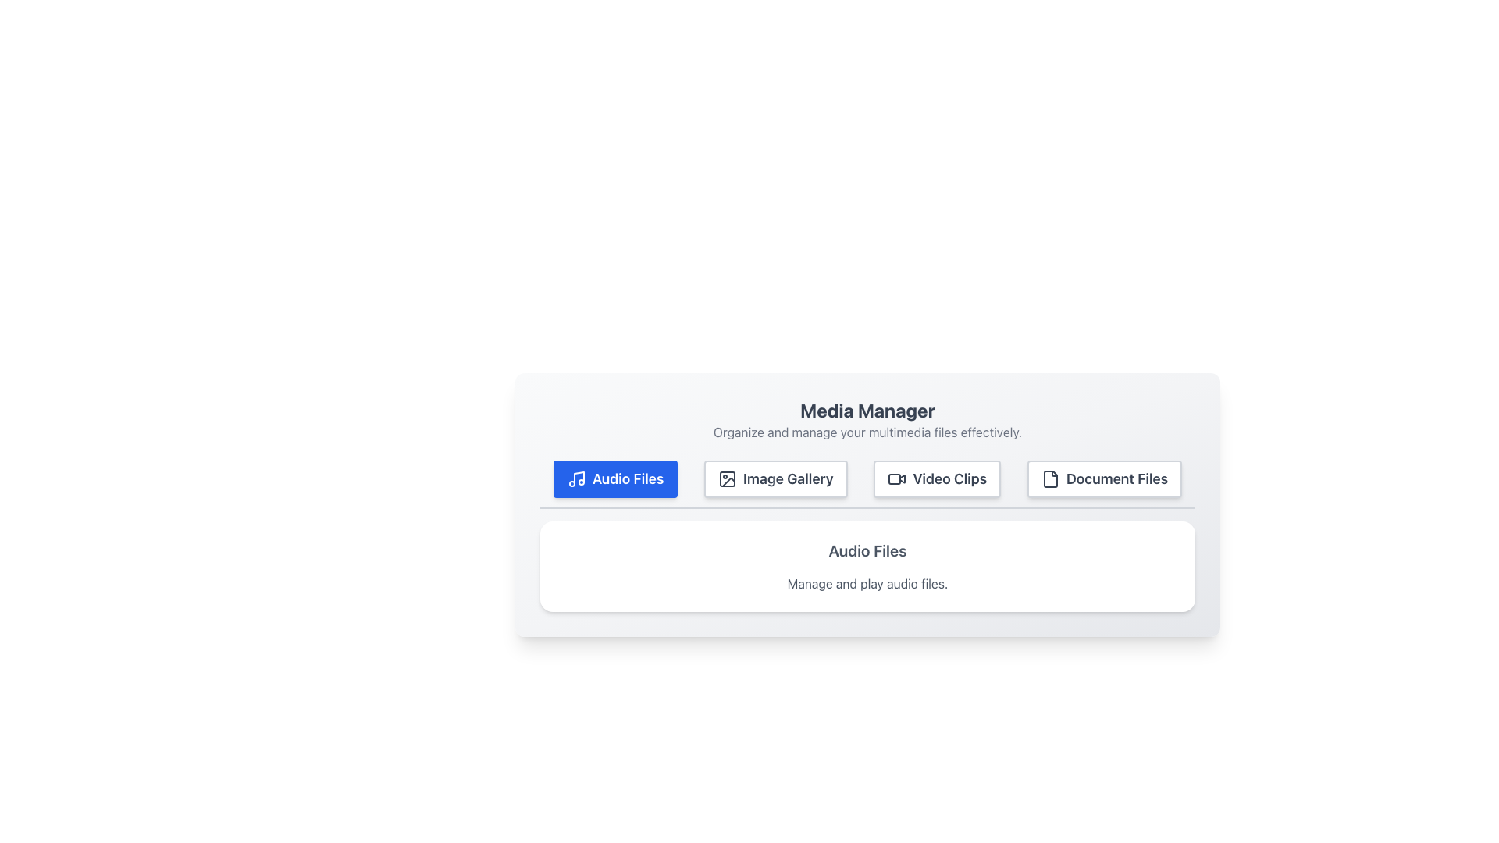  I want to click on the 'Video Clips' button, the third button in a group of four, so click(937, 478).